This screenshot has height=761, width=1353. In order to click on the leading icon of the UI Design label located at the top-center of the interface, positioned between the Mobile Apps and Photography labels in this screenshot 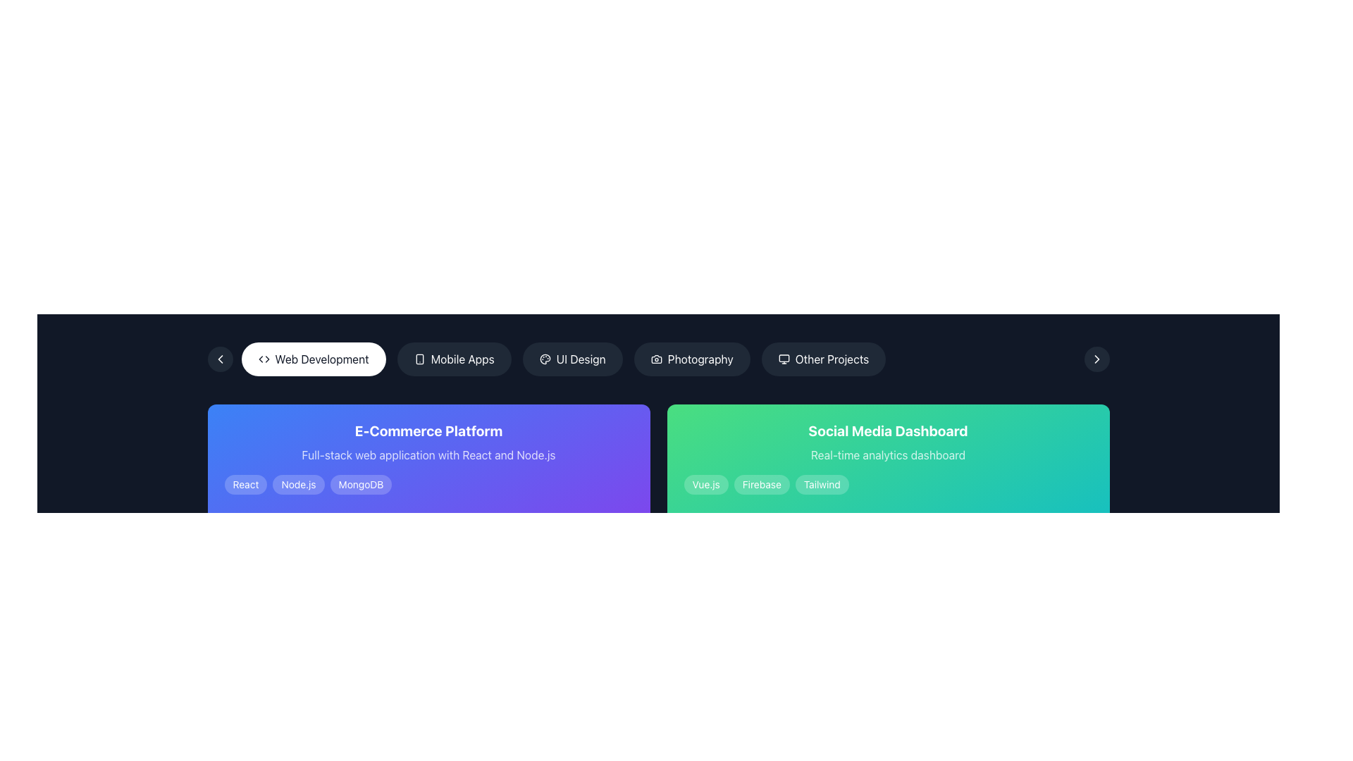, I will do `click(544, 358)`.